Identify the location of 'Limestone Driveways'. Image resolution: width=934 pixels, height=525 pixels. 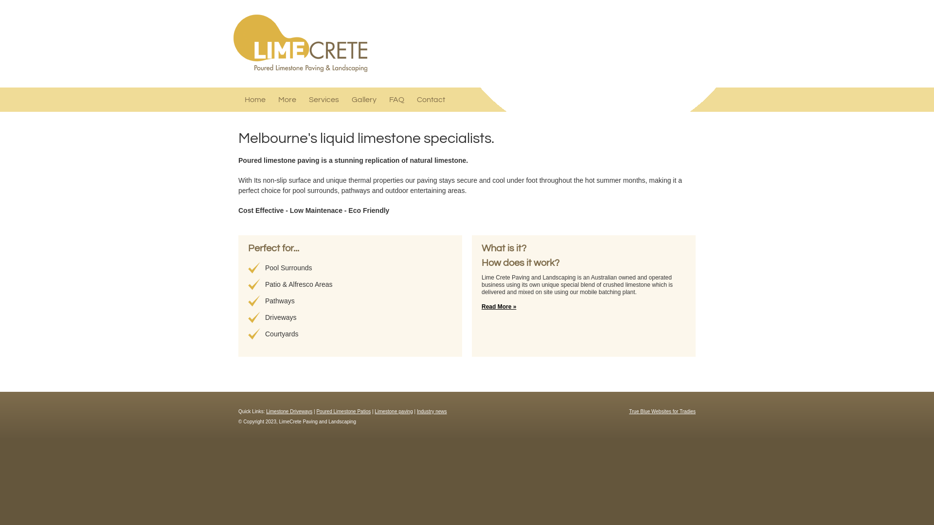
(288, 411).